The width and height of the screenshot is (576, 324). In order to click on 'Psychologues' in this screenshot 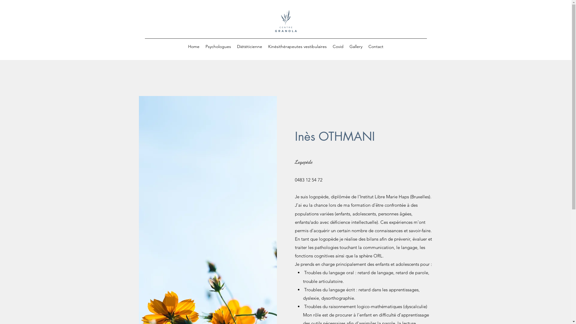, I will do `click(218, 46)`.